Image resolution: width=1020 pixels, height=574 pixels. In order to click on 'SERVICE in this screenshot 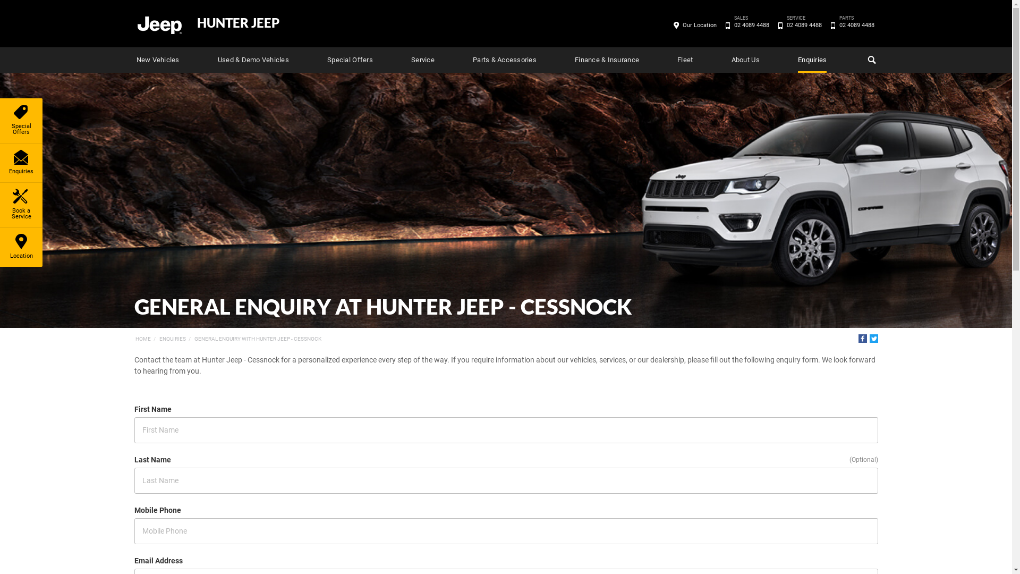, I will do `click(804, 24)`.